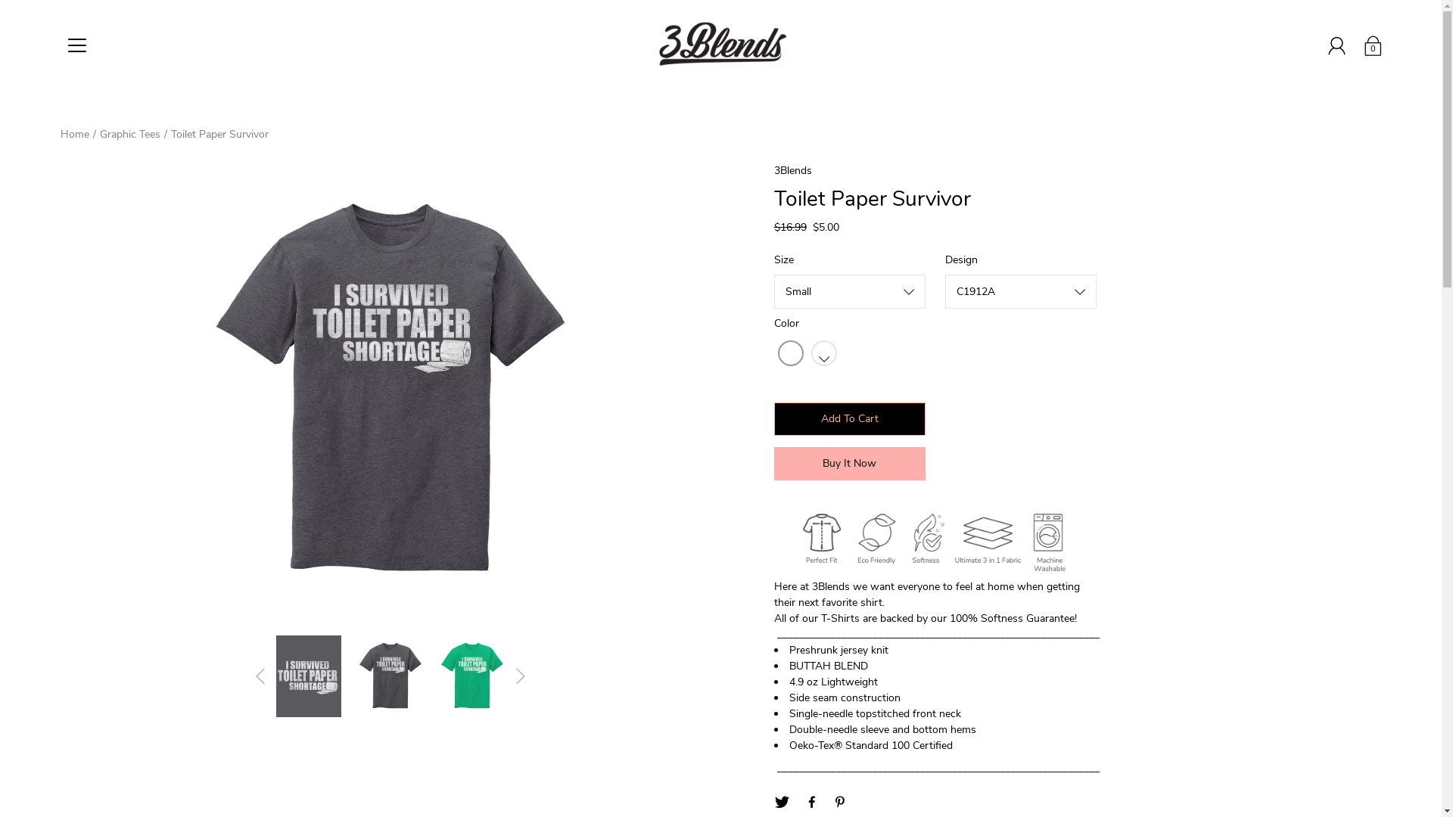  Describe the element at coordinates (1373, 45) in the screenshot. I see `'0'` at that location.